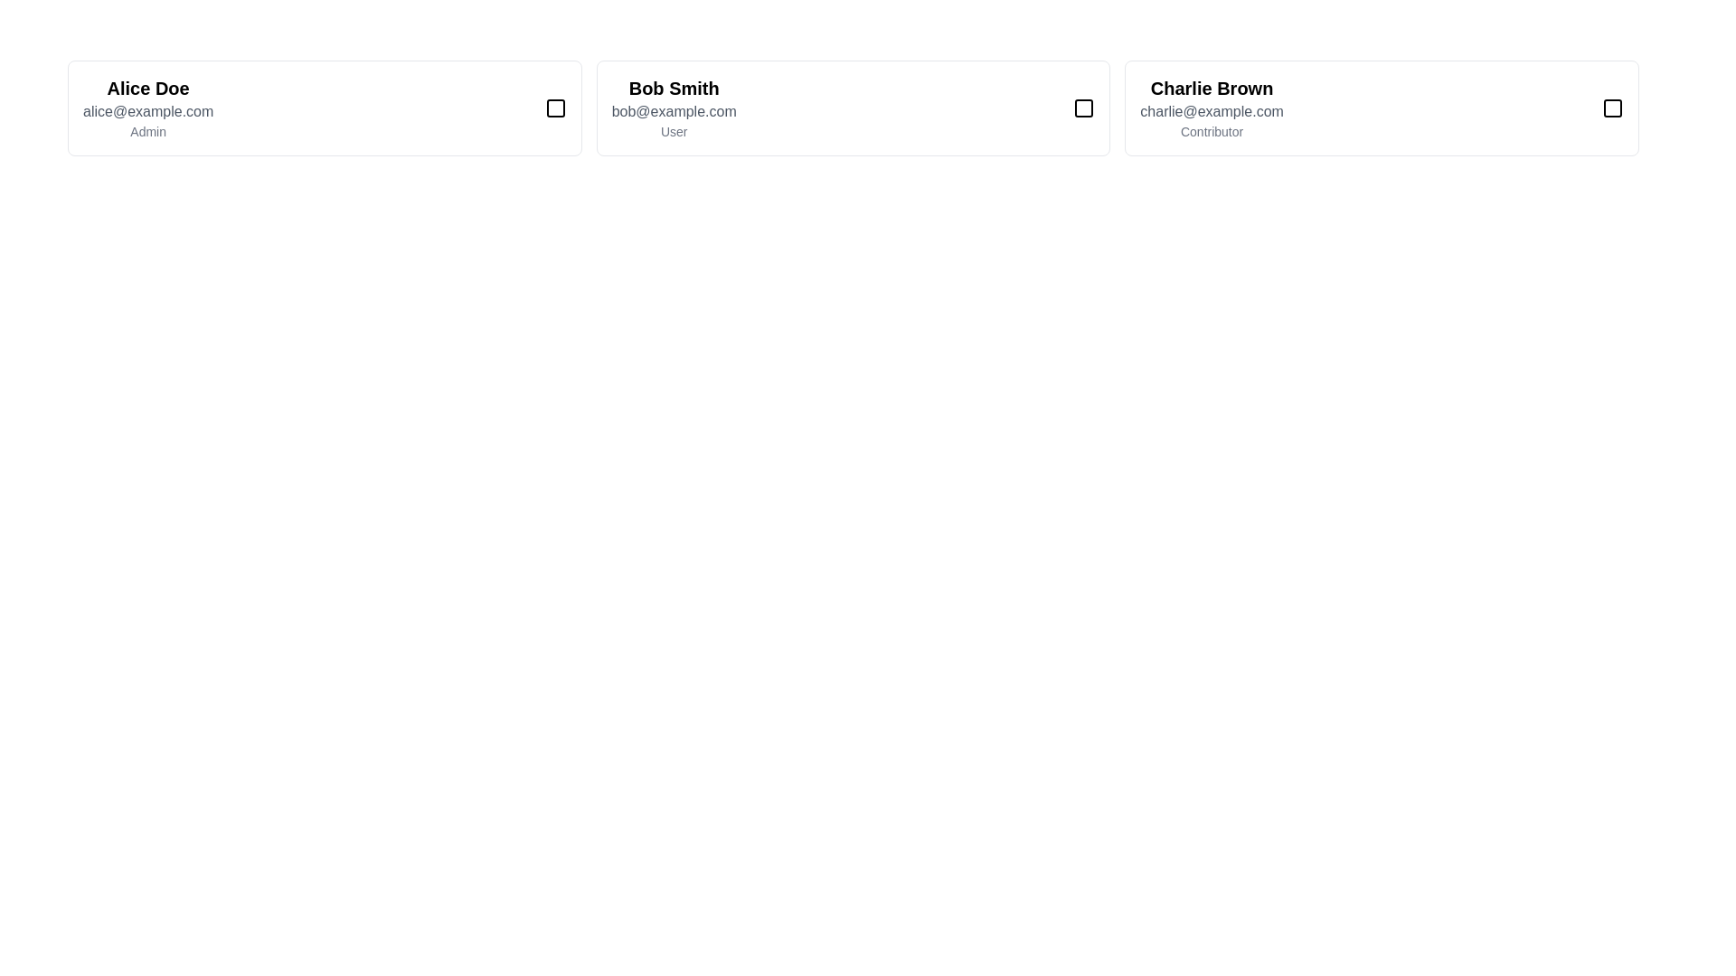 This screenshot has width=1736, height=976. I want to click on the text element displaying 'alice@example.com', which is styled in gray and positioned between 'Alice Doe' and 'Admin', so click(148, 111).